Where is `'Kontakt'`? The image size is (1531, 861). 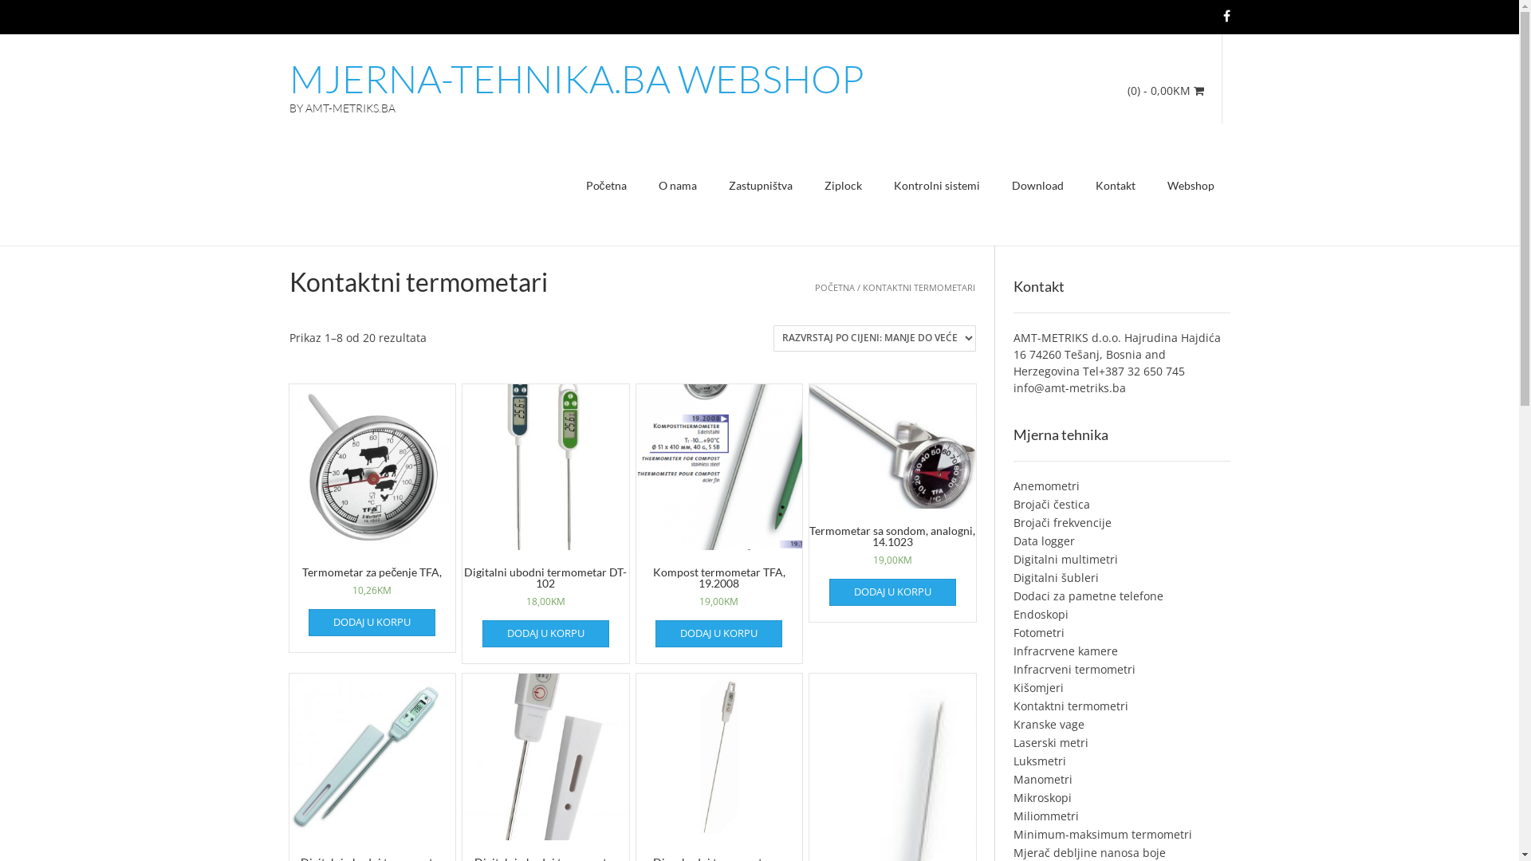
'Kontakt' is located at coordinates (1114, 187).